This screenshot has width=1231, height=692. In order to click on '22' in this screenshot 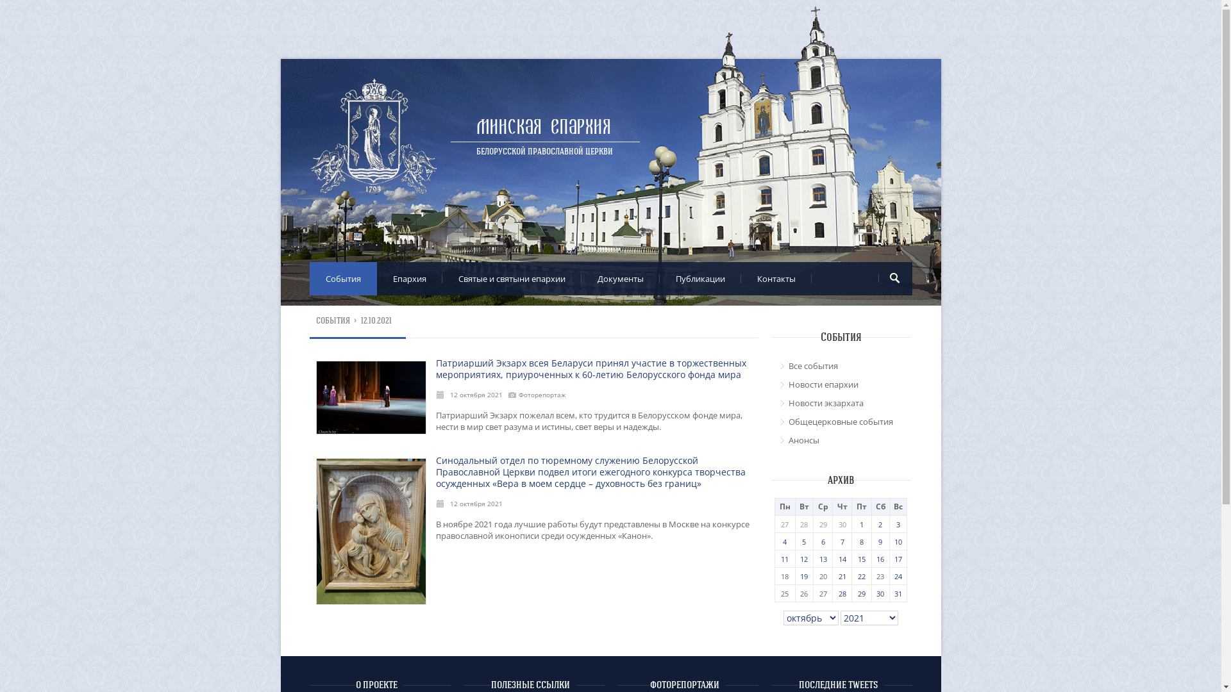, I will do `click(862, 575)`.